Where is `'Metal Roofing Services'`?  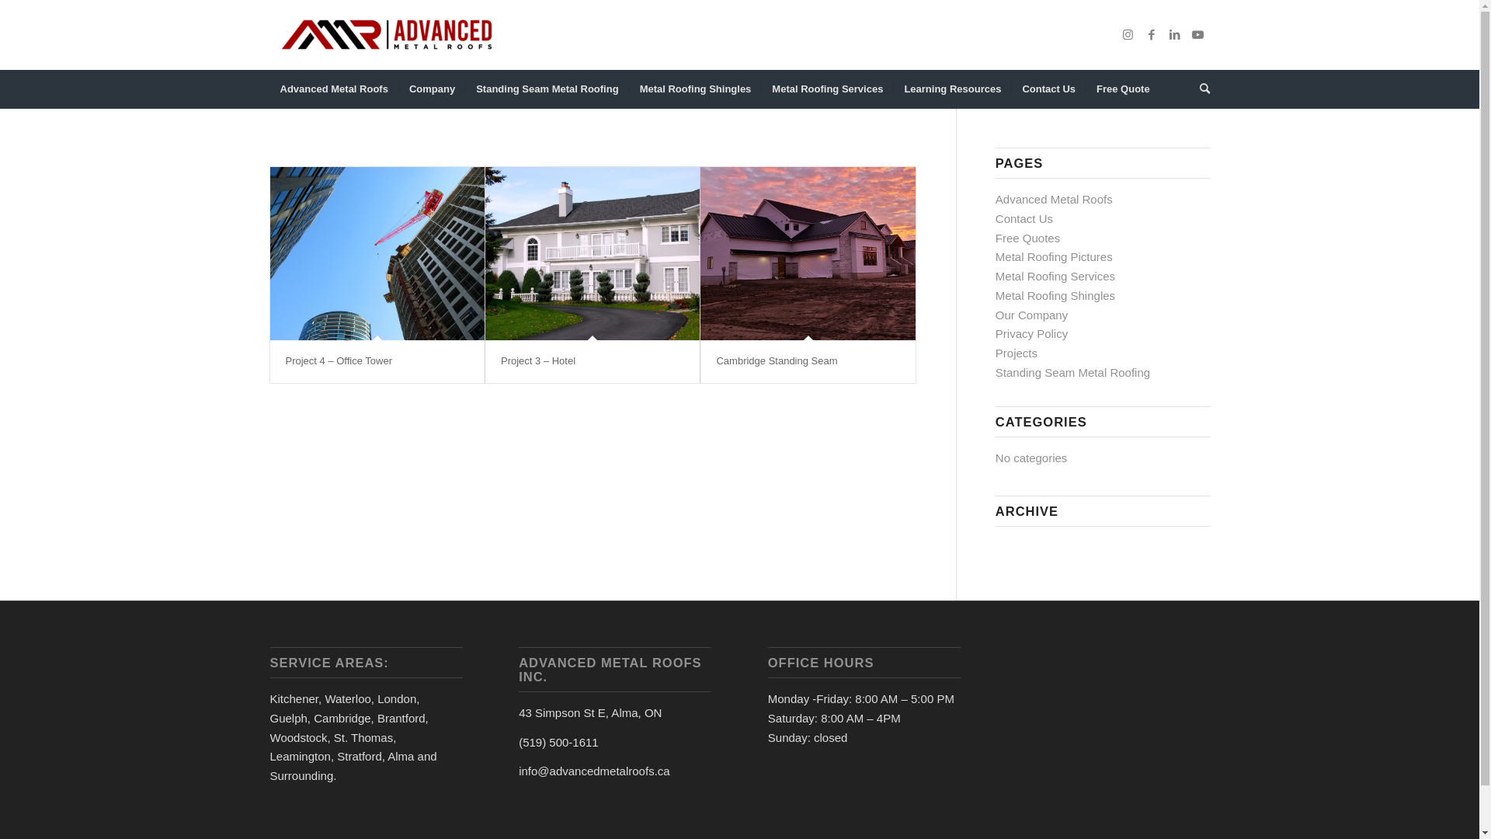 'Metal Roofing Services' is located at coordinates (826, 89).